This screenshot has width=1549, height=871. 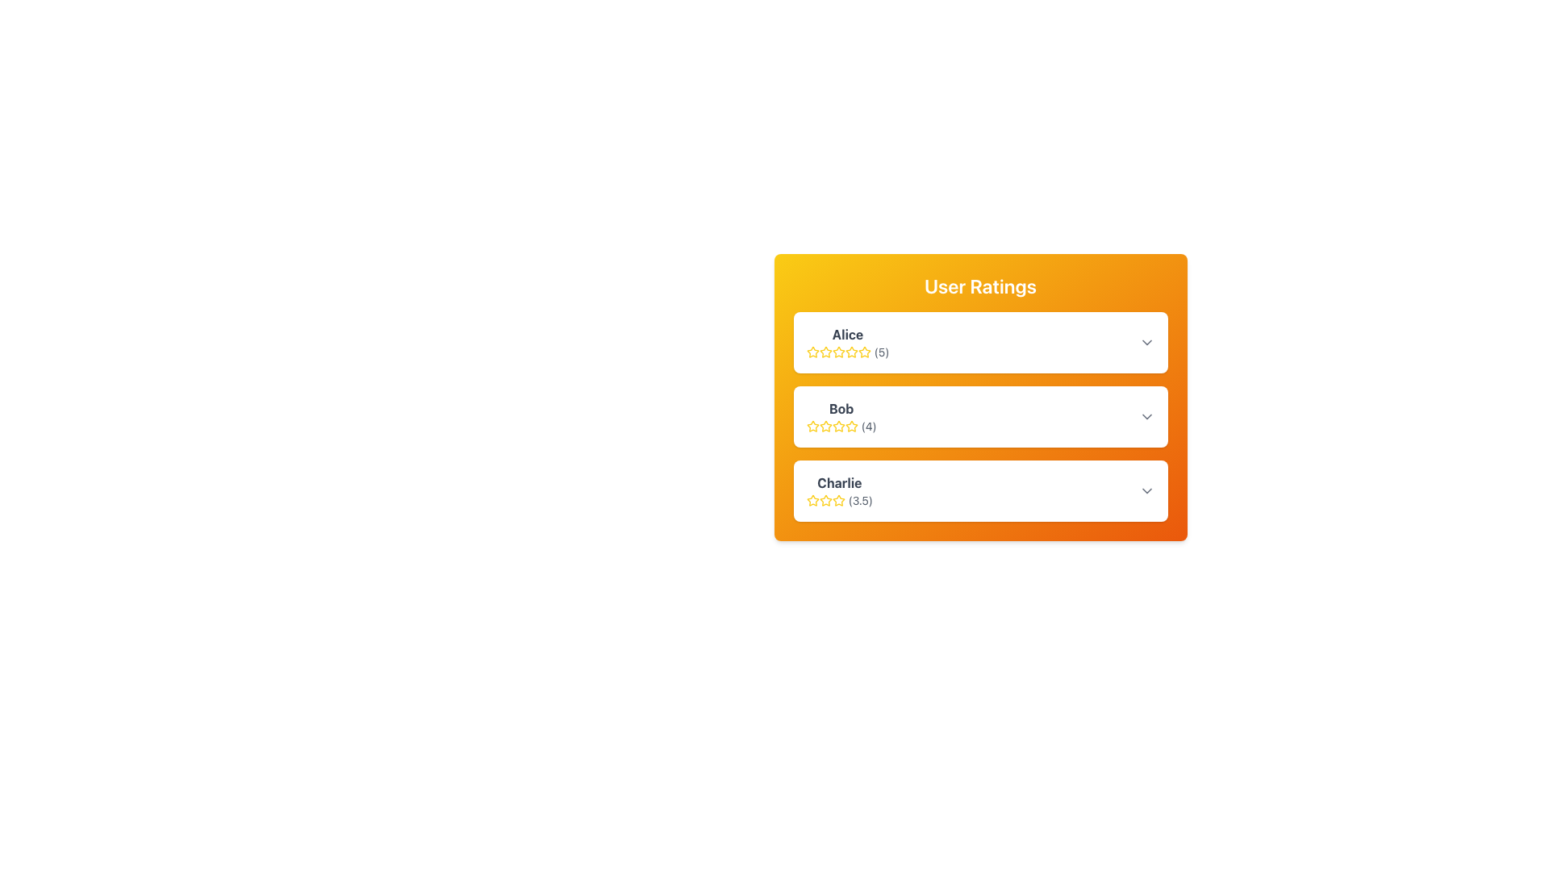 I want to click on the Composite rating display for user 'Charlie', so click(x=839, y=500).